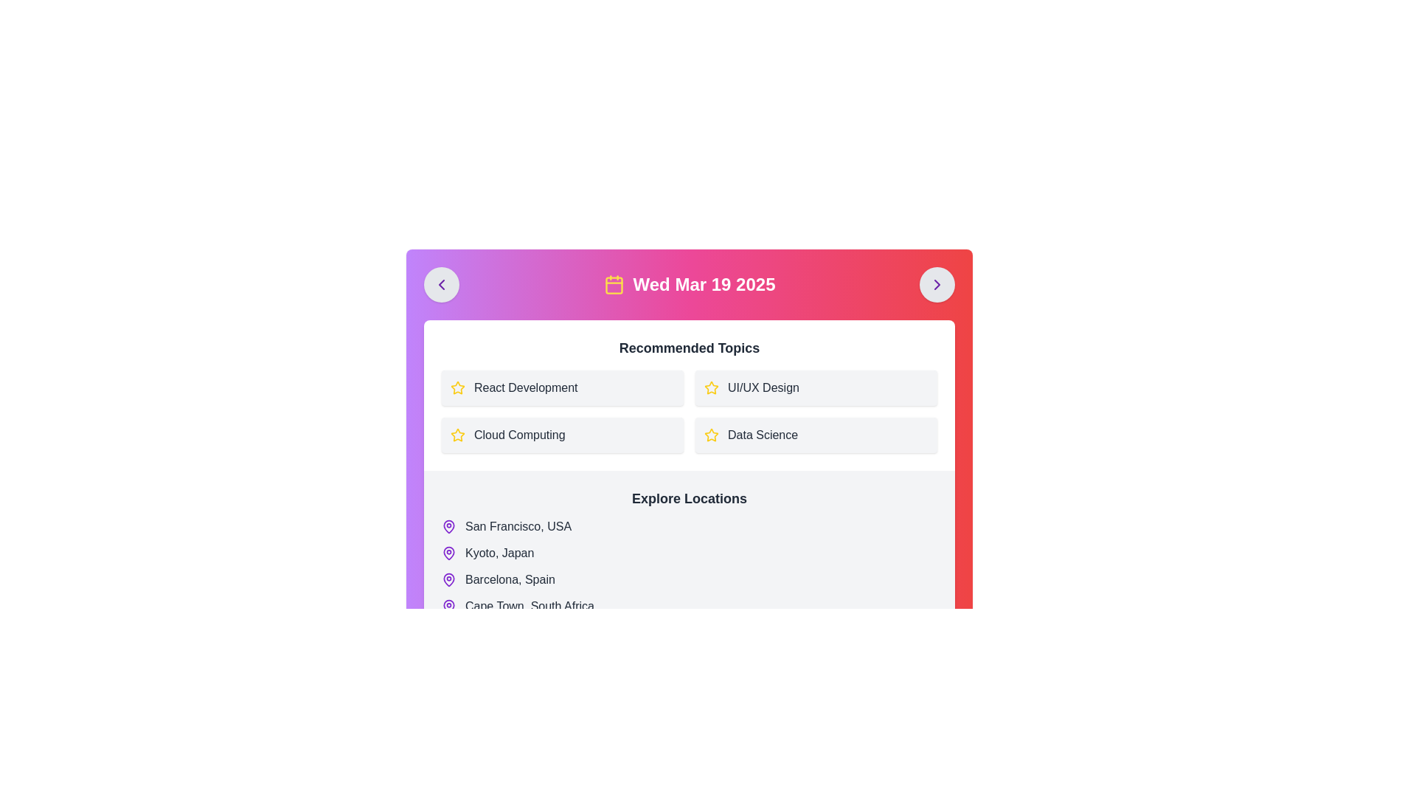 The height and width of the screenshot is (797, 1416). What do you see at coordinates (448, 579) in the screenshot?
I see `the circular purple map pin icon located beside the 'Barcelona, Spain' text` at bounding box center [448, 579].